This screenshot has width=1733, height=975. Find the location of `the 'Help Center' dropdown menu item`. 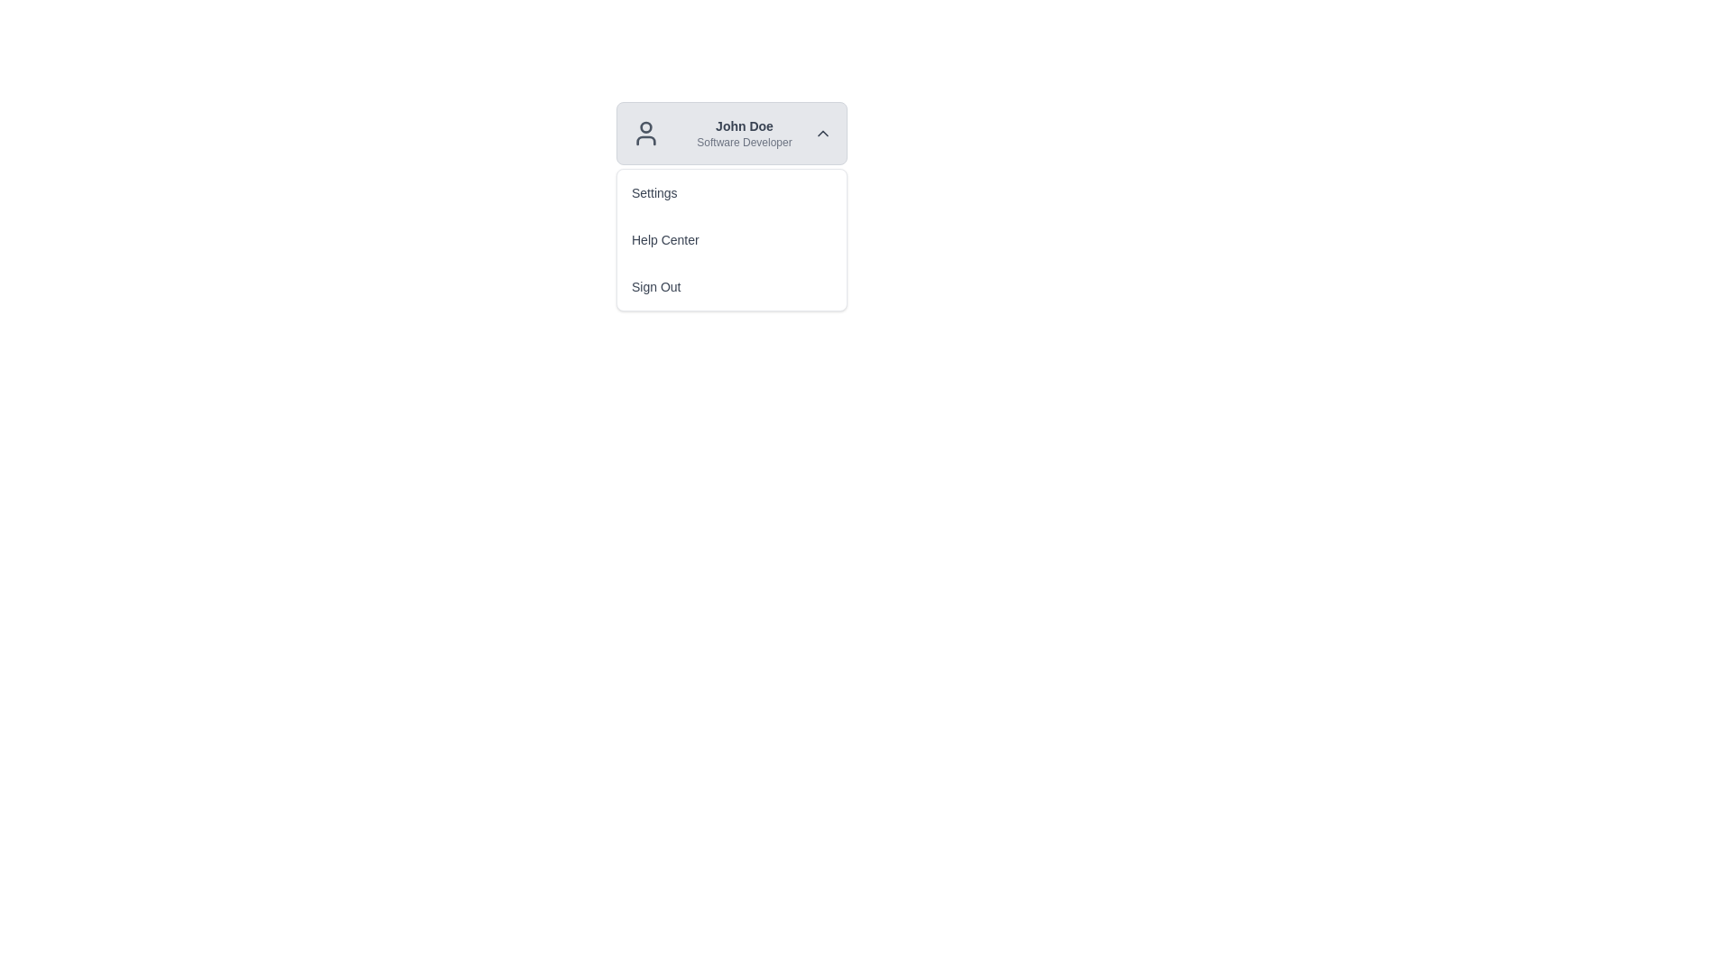

the 'Help Center' dropdown menu item is located at coordinates (732, 239).